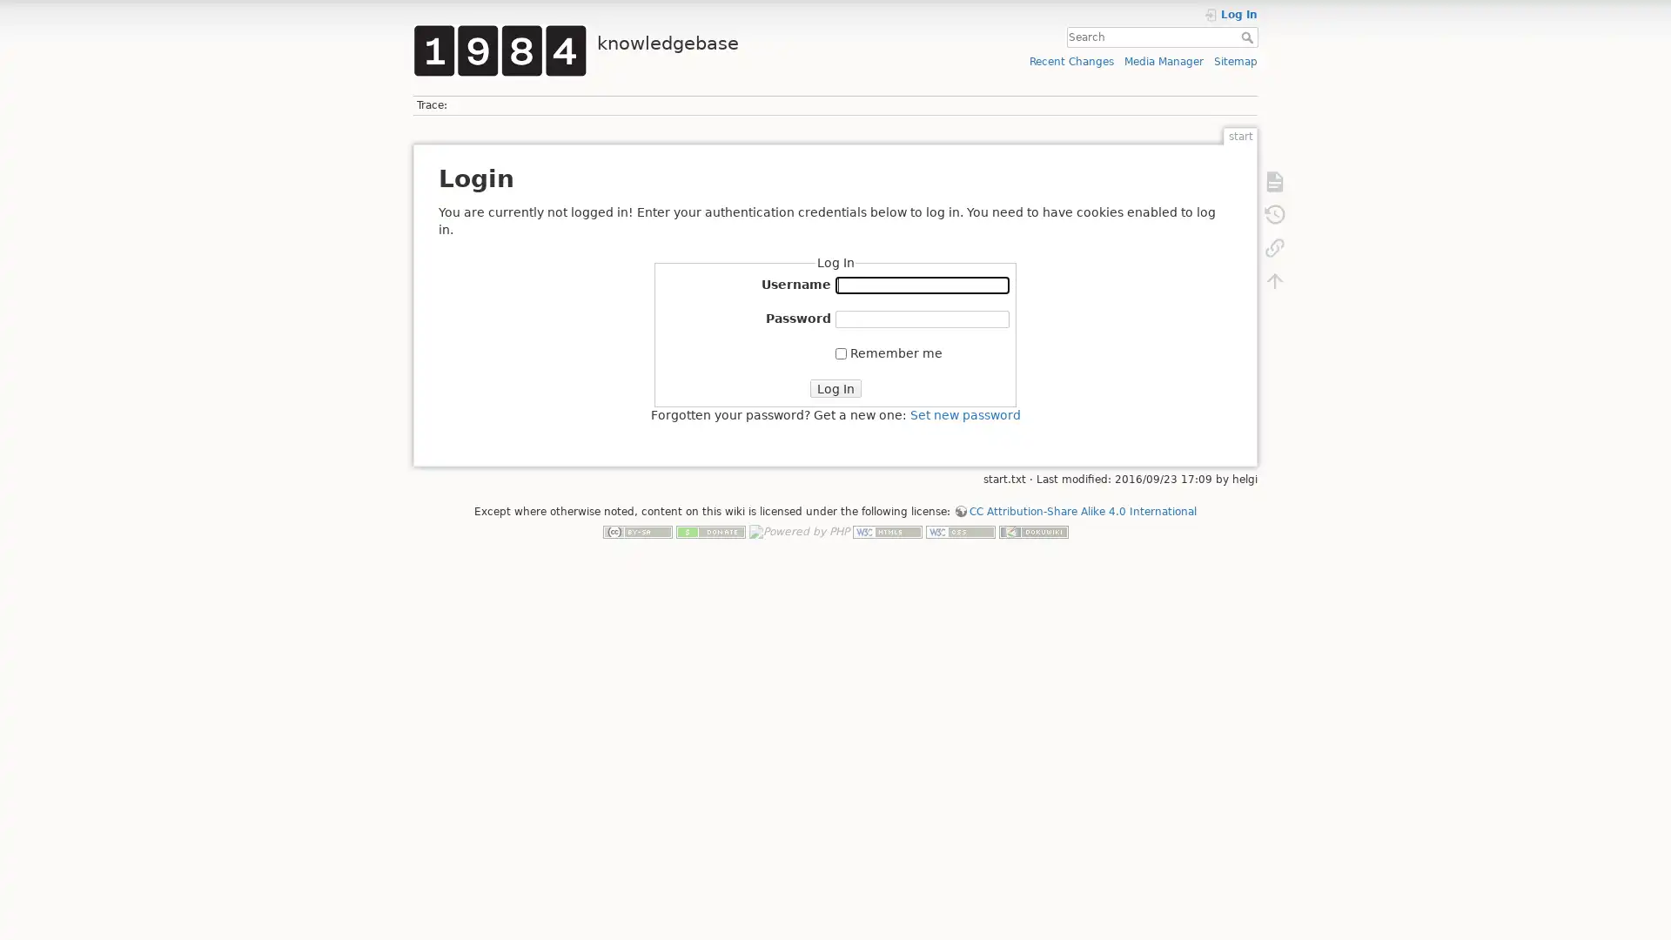 The image size is (1671, 940). Describe the element at coordinates (1248, 37) in the screenshot. I see `Search` at that location.